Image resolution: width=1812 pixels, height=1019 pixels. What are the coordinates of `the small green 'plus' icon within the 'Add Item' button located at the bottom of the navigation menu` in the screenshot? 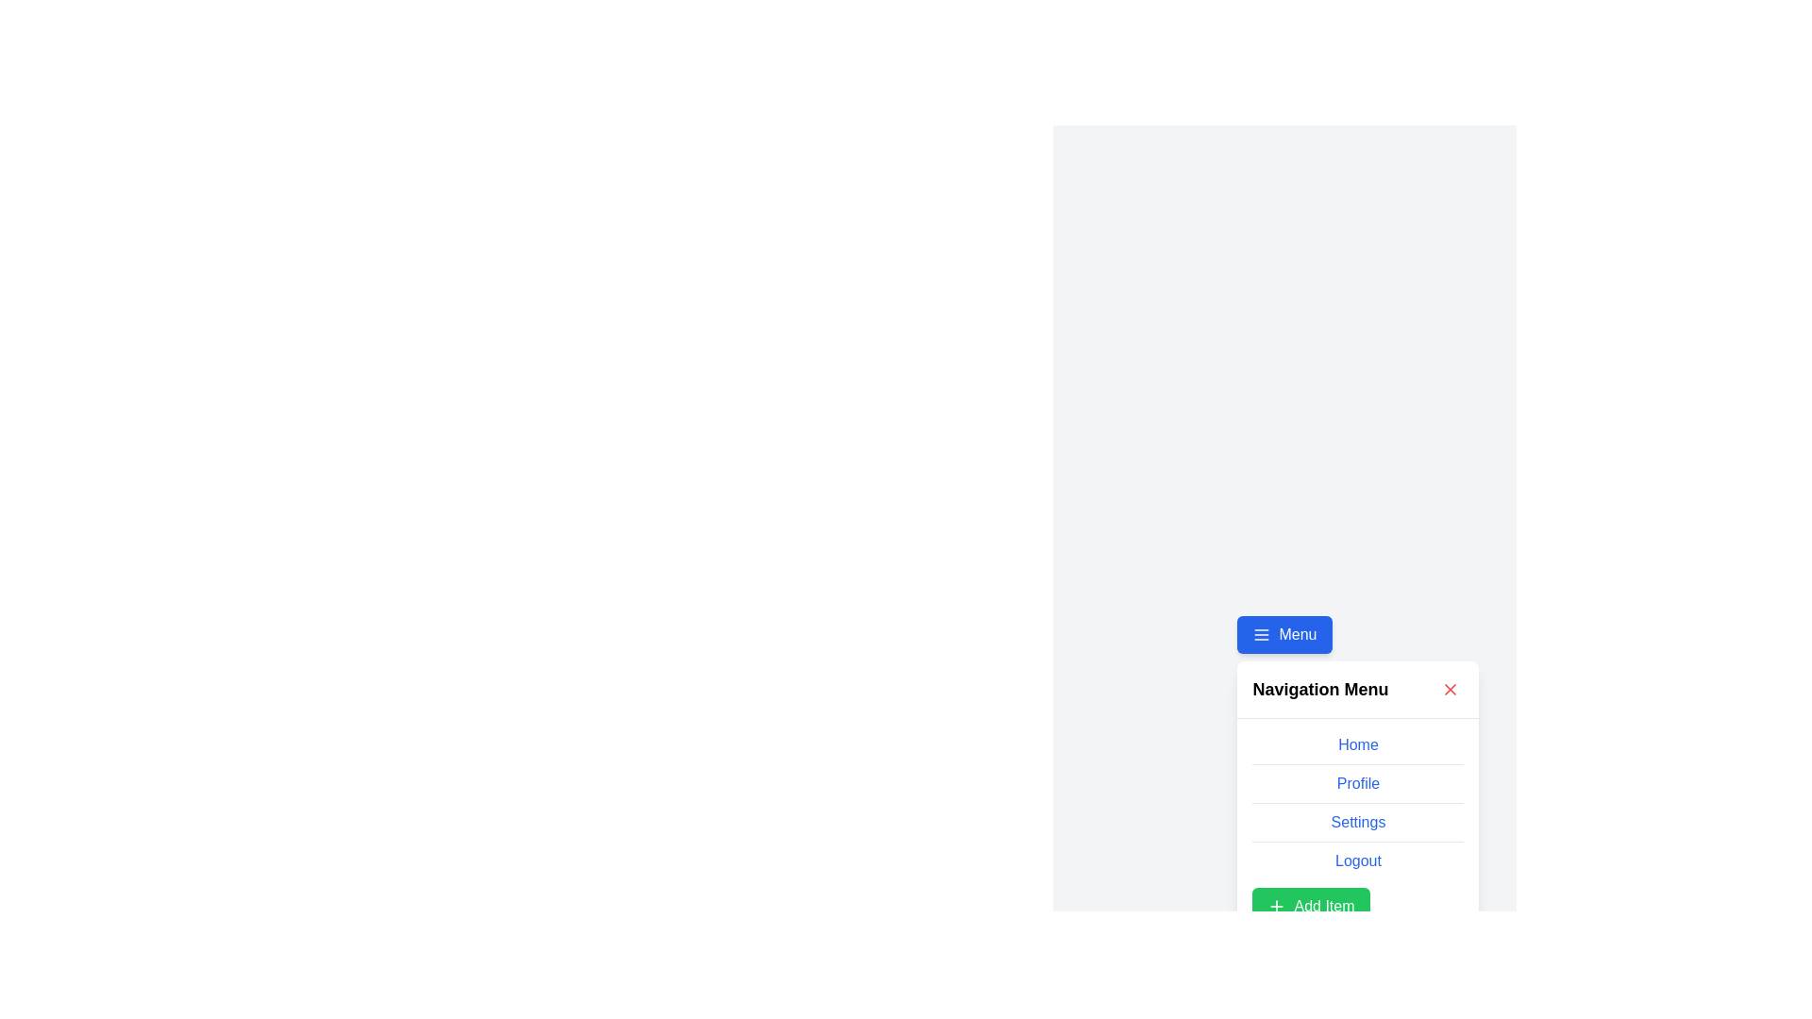 It's located at (1277, 905).